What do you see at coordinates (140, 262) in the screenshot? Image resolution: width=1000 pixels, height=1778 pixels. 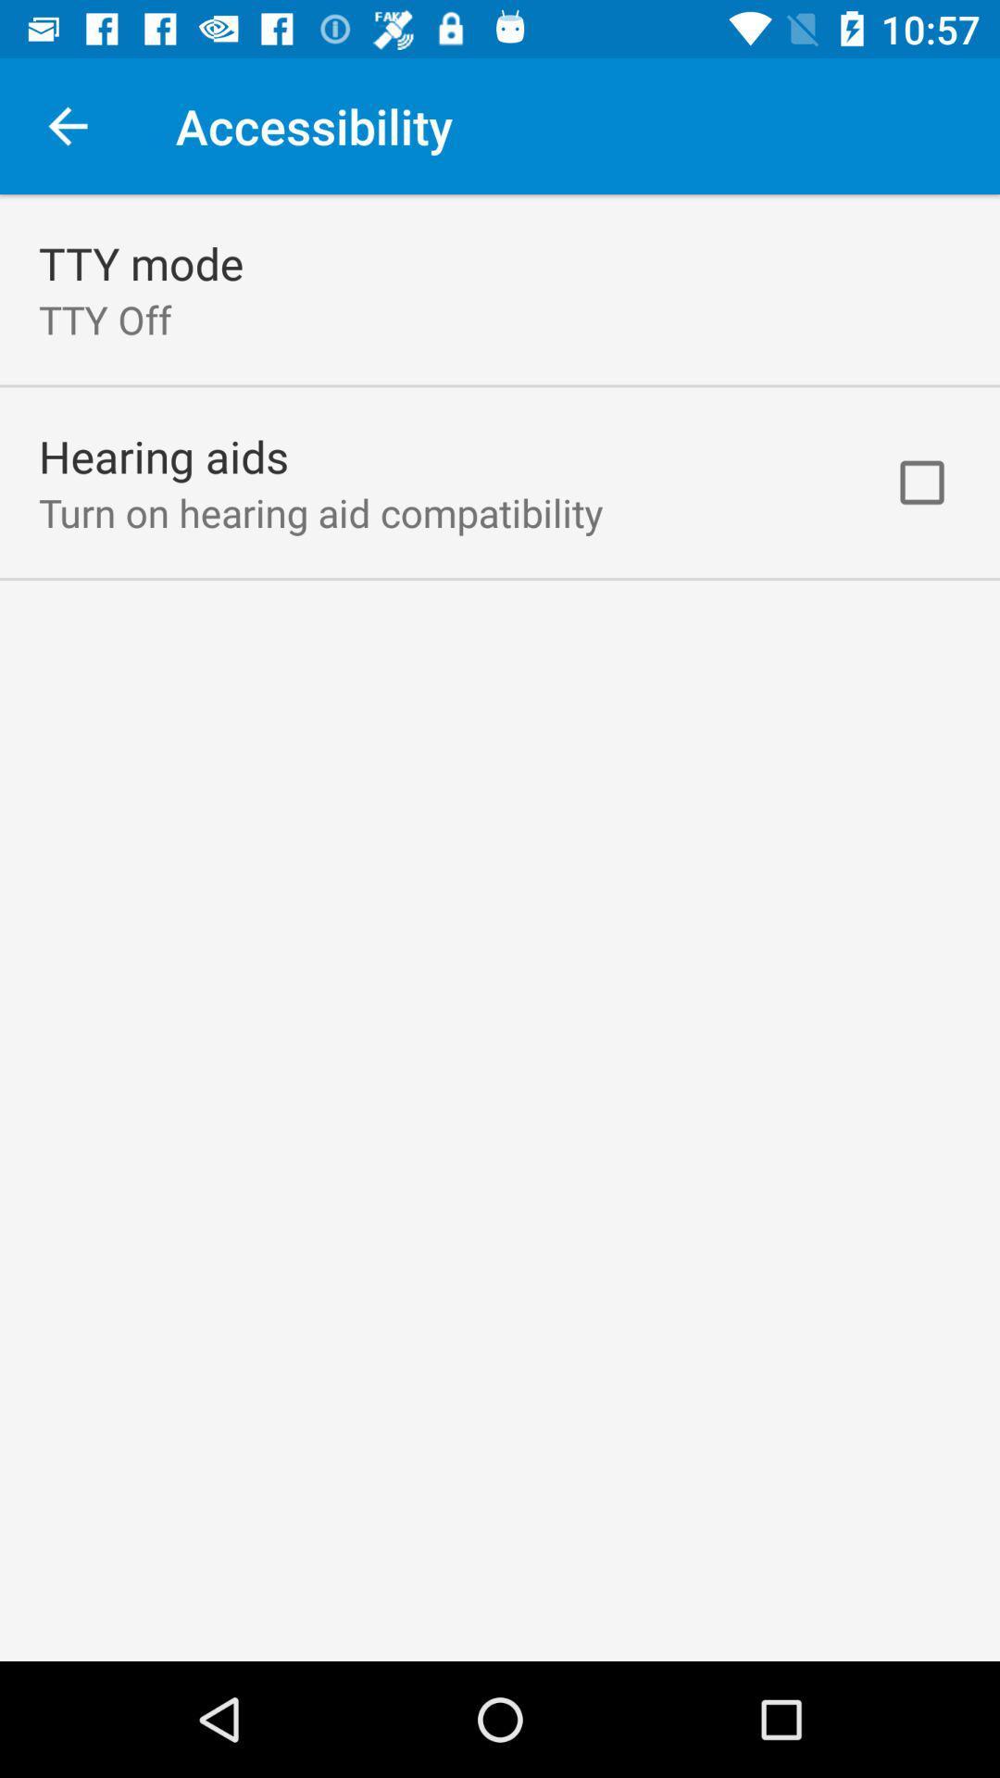 I see `tty mode` at bounding box center [140, 262].